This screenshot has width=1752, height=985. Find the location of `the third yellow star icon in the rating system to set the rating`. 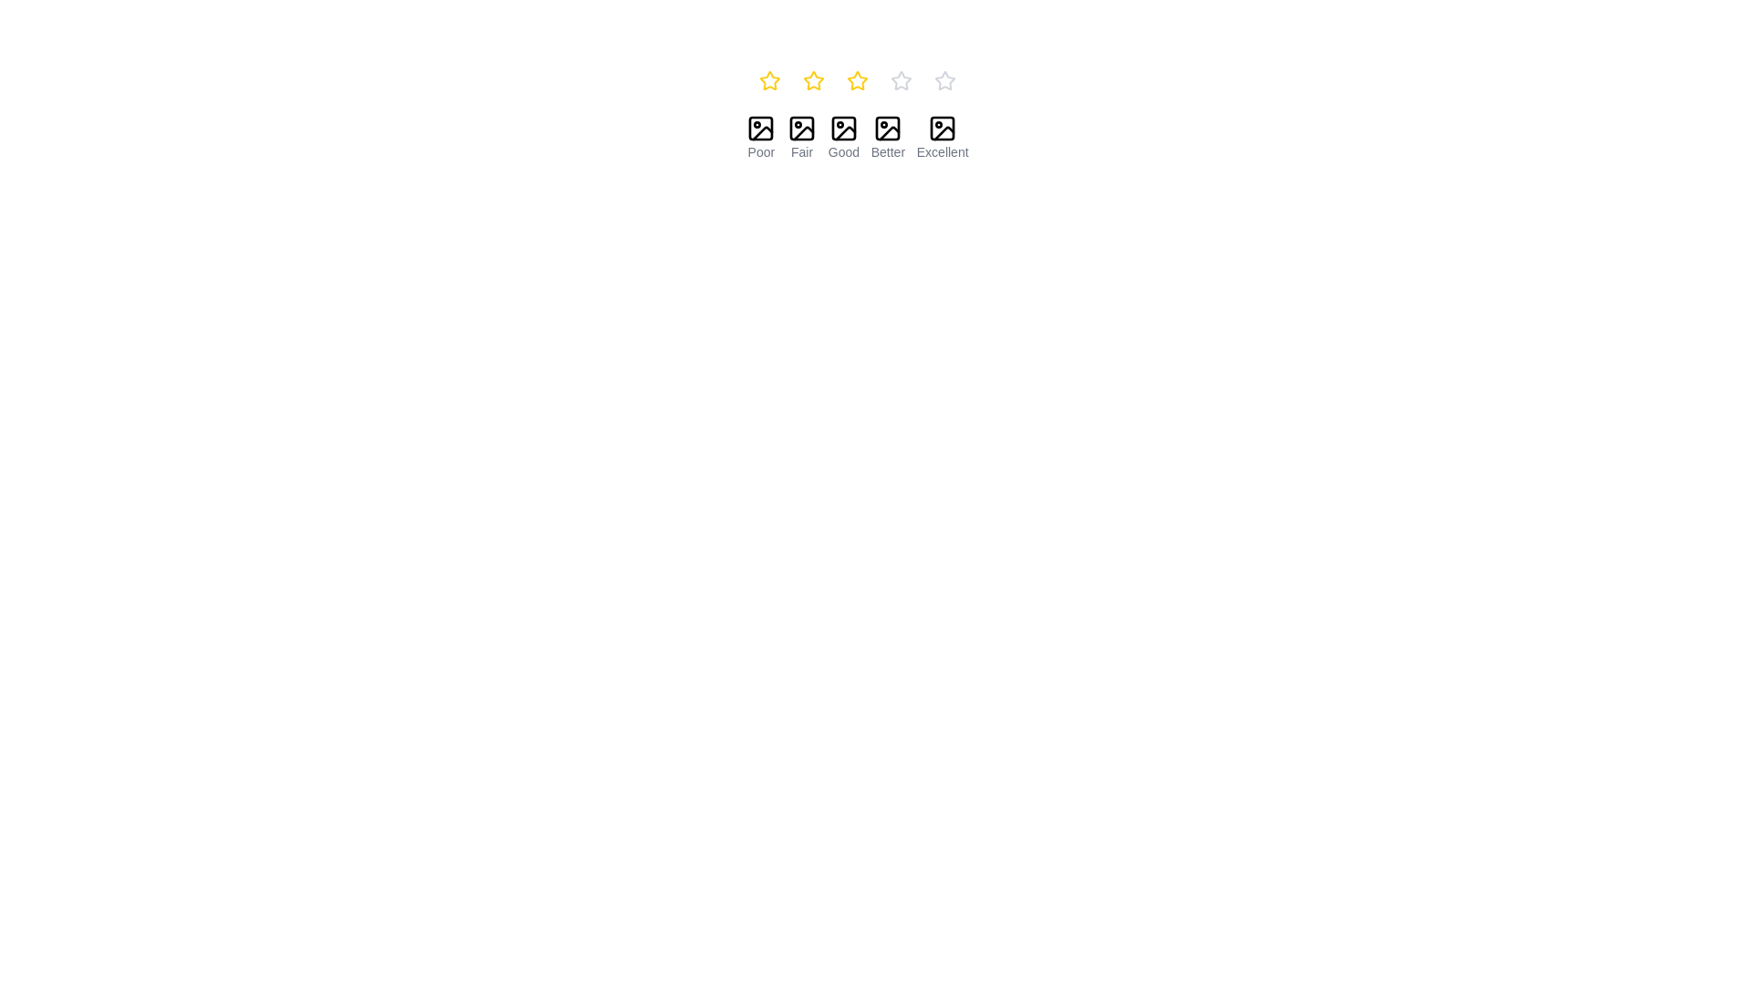

the third yellow star icon in the rating system to set the rating is located at coordinates (857, 79).